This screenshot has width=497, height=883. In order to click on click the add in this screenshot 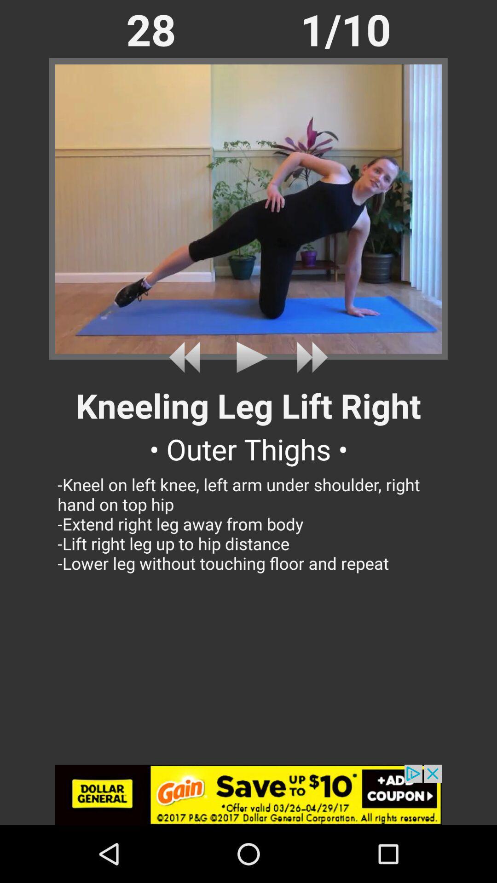, I will do `click(248, 794)`.